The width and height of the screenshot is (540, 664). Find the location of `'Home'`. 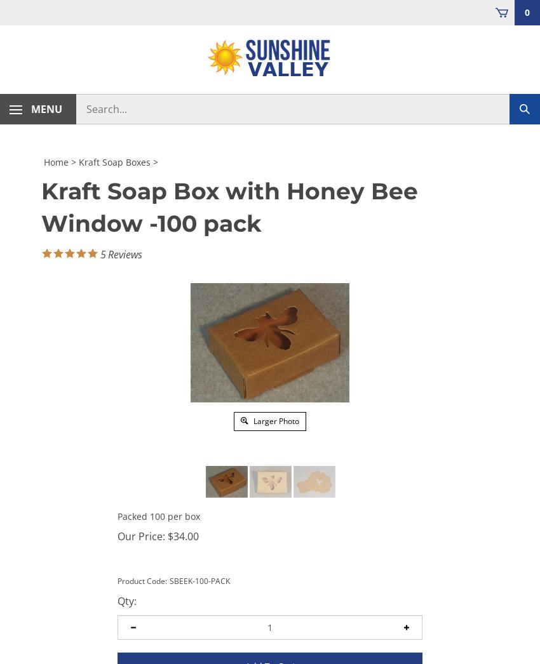

'Home' is located at coordinates (55, 161).